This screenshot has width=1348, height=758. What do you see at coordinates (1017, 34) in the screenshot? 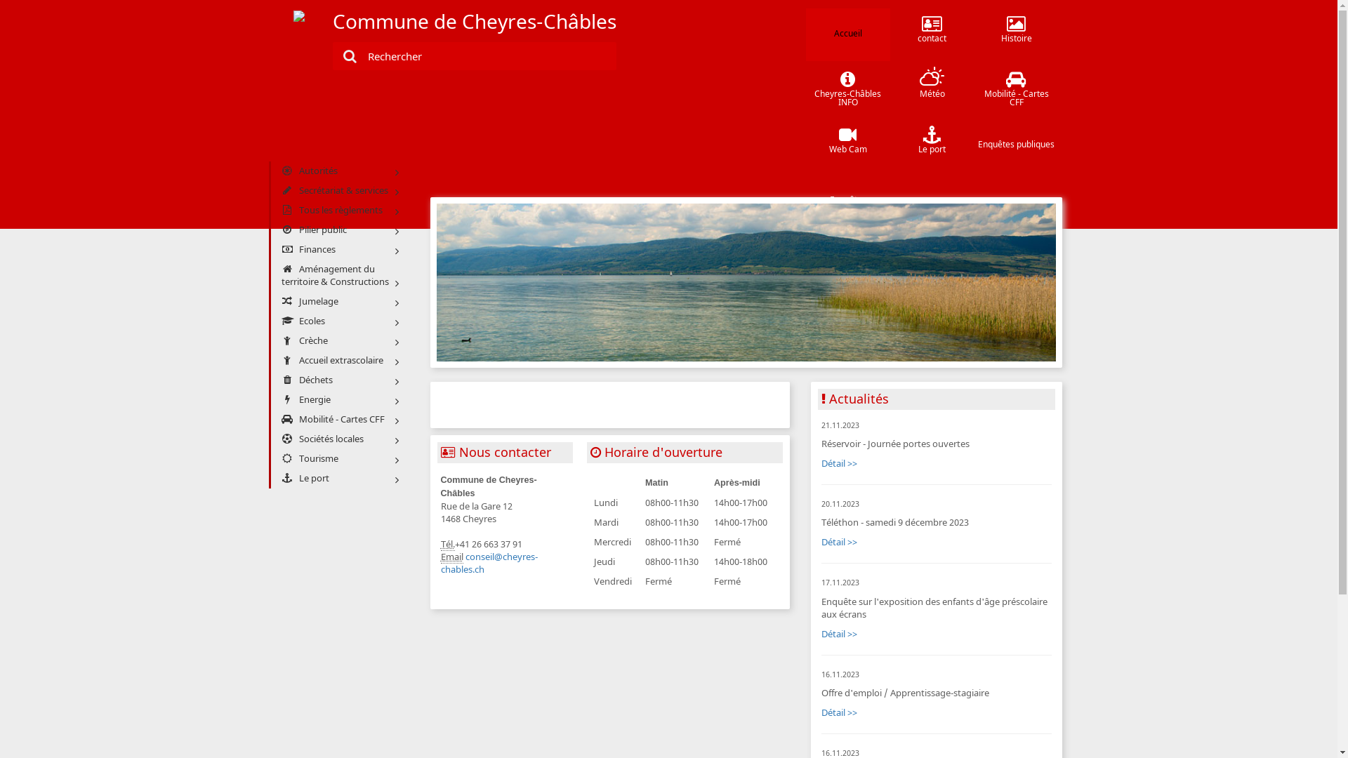
I see `'Histoire'` at bounding box center [1017, 34].